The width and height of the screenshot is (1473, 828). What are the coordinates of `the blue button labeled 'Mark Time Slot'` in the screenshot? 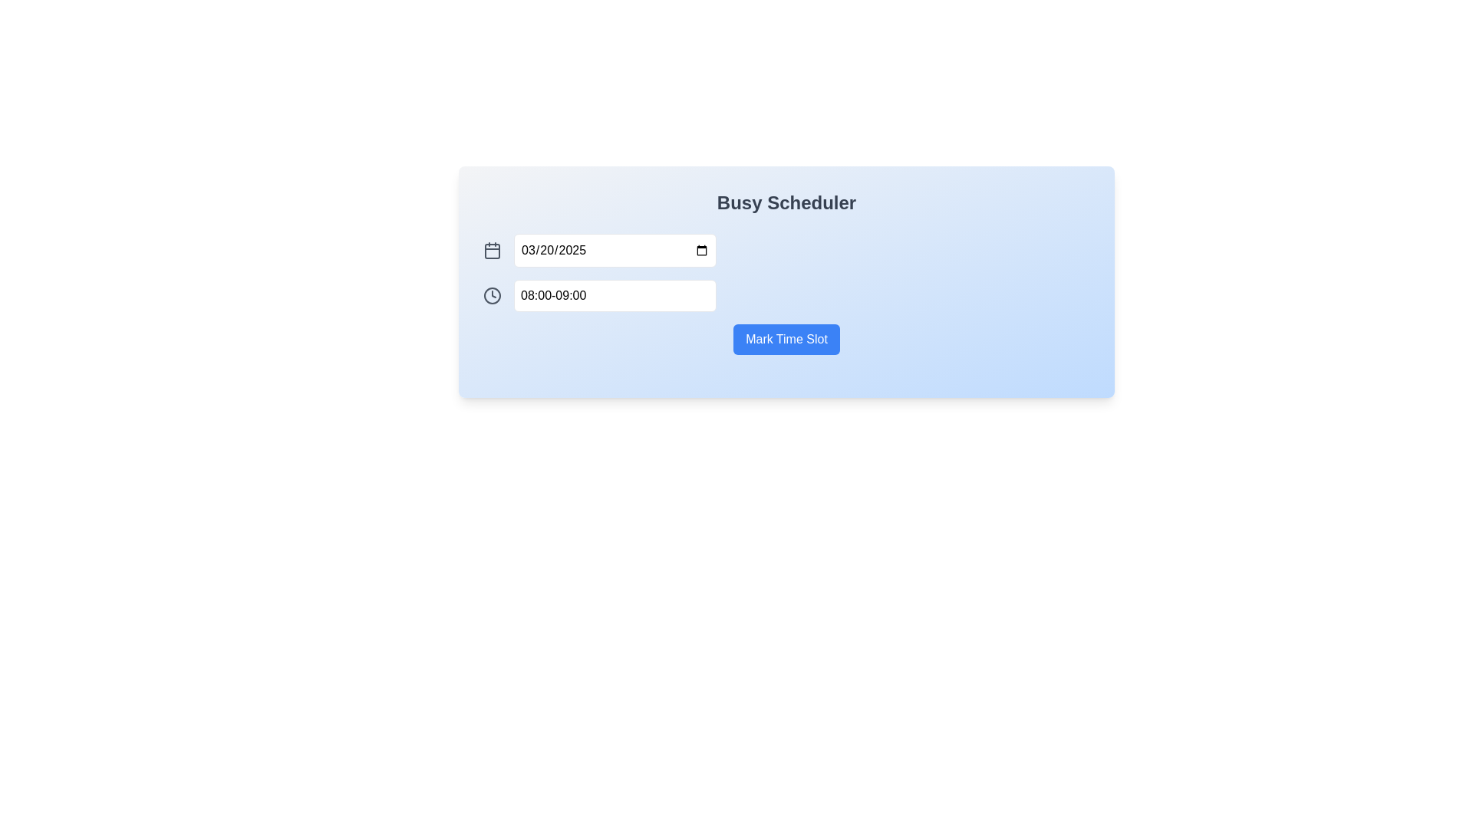 It's located at (786, 339).